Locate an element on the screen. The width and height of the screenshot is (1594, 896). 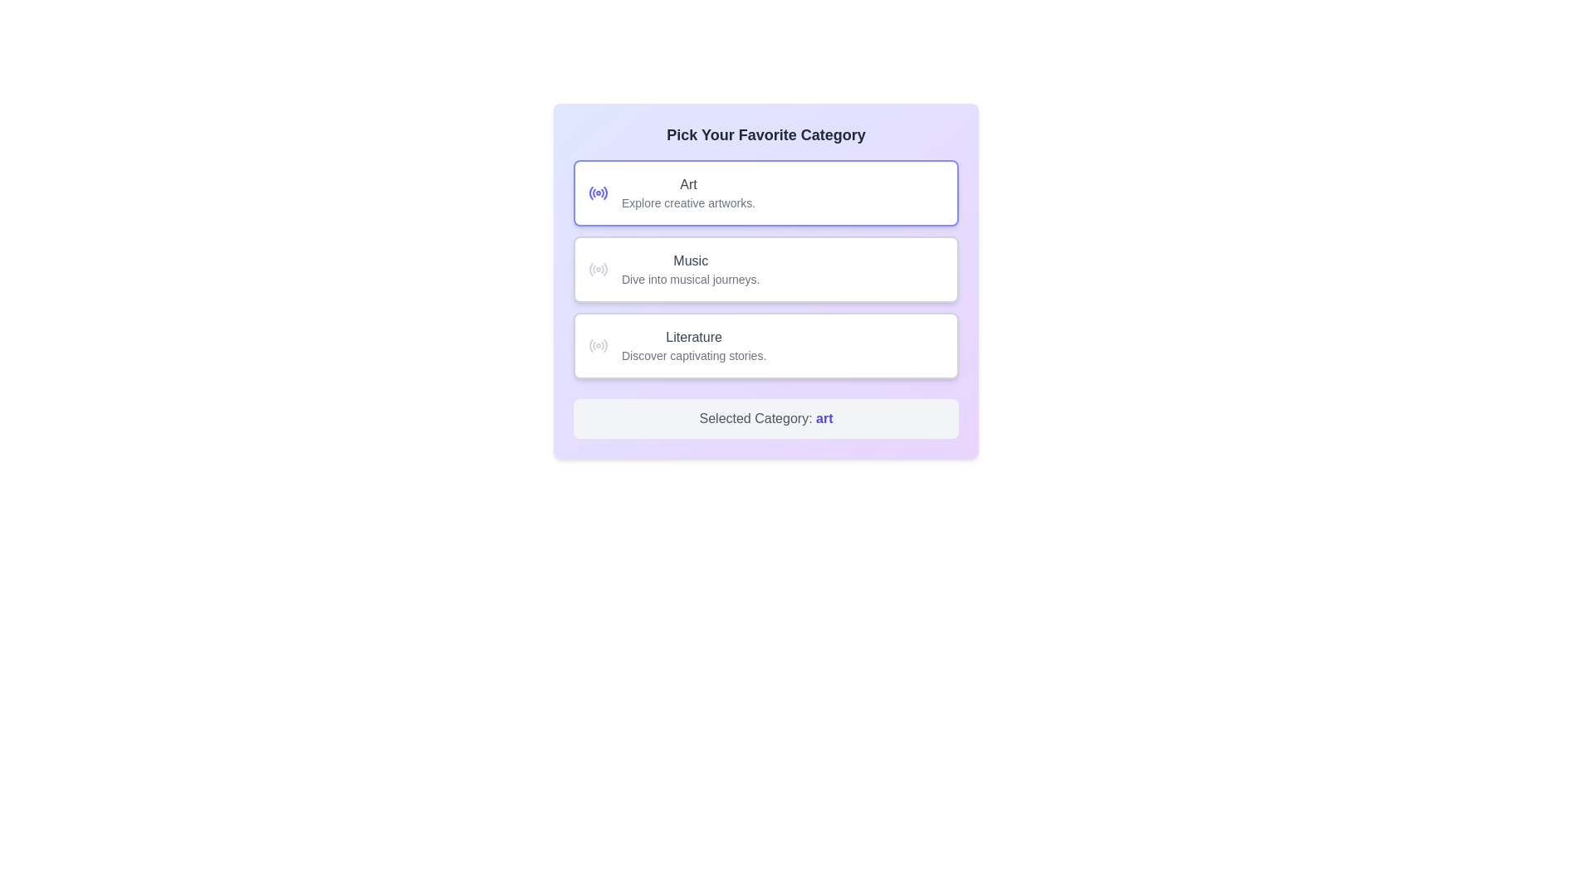
the Text label providing additional context for the 'Art' category, located beneath the 'Art' header in the vertical list of selectable categories is located at coordinates (688, 202).